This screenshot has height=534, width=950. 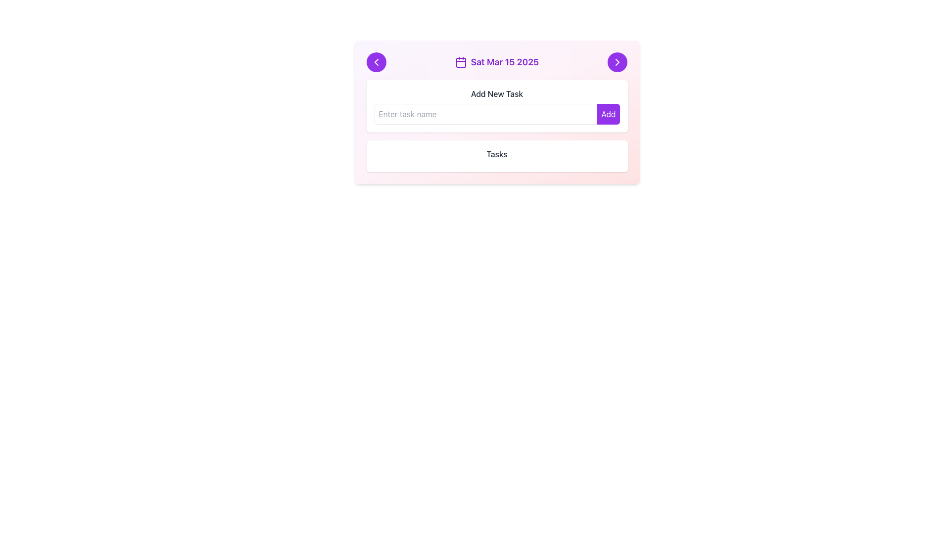 What do you see at coordinates (376, 62) in the screenshot?
I see `the circular button with a purple background and a white left-facing chevron icon to trigger the hover effect that darkens its background color` at bounding box center [376, 62].